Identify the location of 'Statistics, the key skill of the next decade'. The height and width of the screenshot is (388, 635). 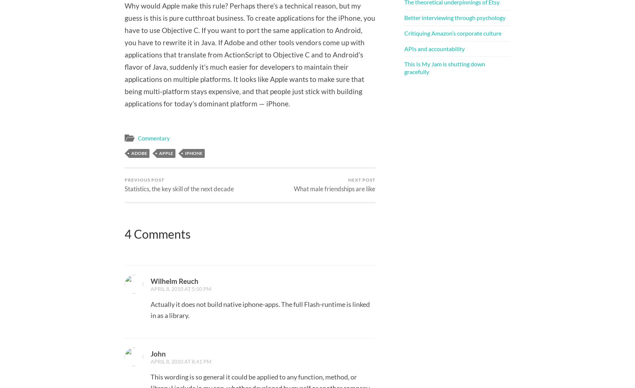
(179, 188).